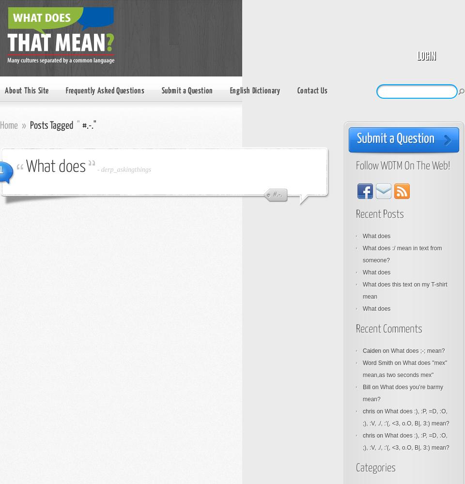 This screenshot has height=484, width=465. Describe the element at coordinates (99, 169) in the screenshot. I see `'-'` at that location.